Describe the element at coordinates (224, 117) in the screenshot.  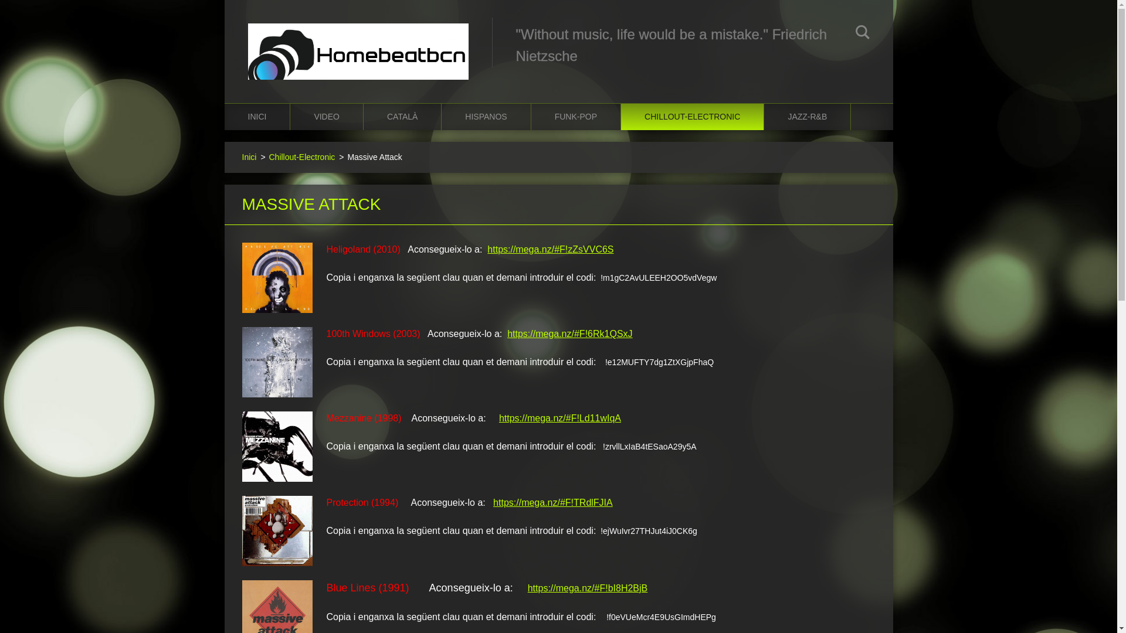
I see `'INICI'` at that location.